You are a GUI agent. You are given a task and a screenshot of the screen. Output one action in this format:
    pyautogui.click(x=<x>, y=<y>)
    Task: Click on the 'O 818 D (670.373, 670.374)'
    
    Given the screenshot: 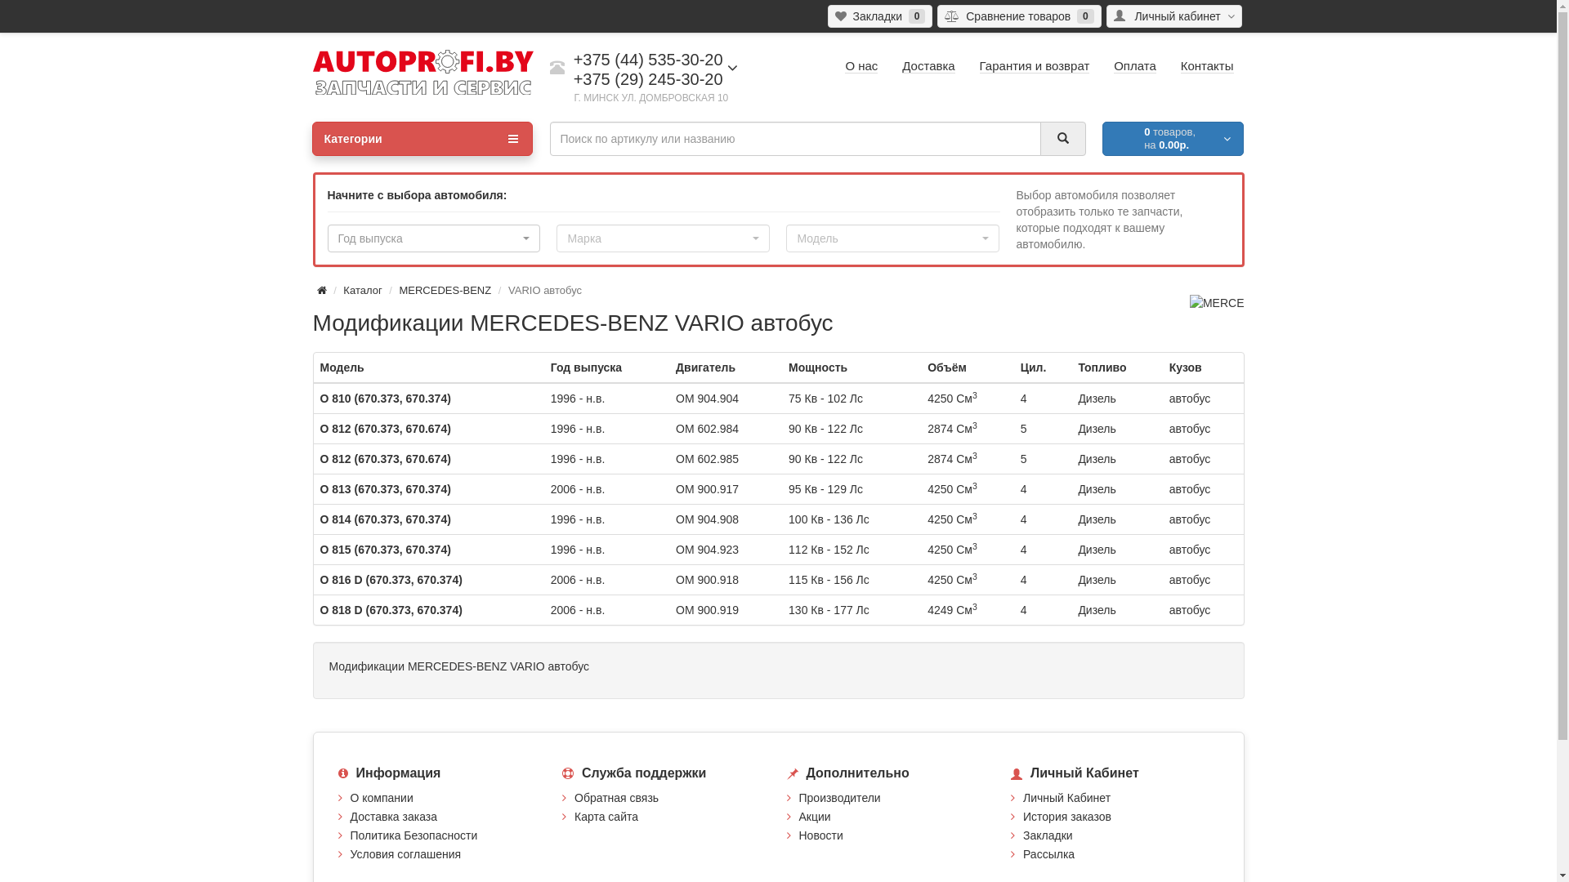 What is the action you would take?
    pyautogui.click(x=391, y=610)
    